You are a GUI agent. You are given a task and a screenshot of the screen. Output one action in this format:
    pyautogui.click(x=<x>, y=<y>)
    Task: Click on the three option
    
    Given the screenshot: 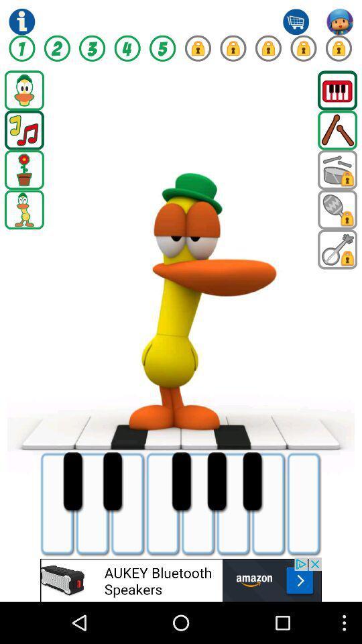 What is the action you would take?
    pyautogui.click(x=91, y=48)
    